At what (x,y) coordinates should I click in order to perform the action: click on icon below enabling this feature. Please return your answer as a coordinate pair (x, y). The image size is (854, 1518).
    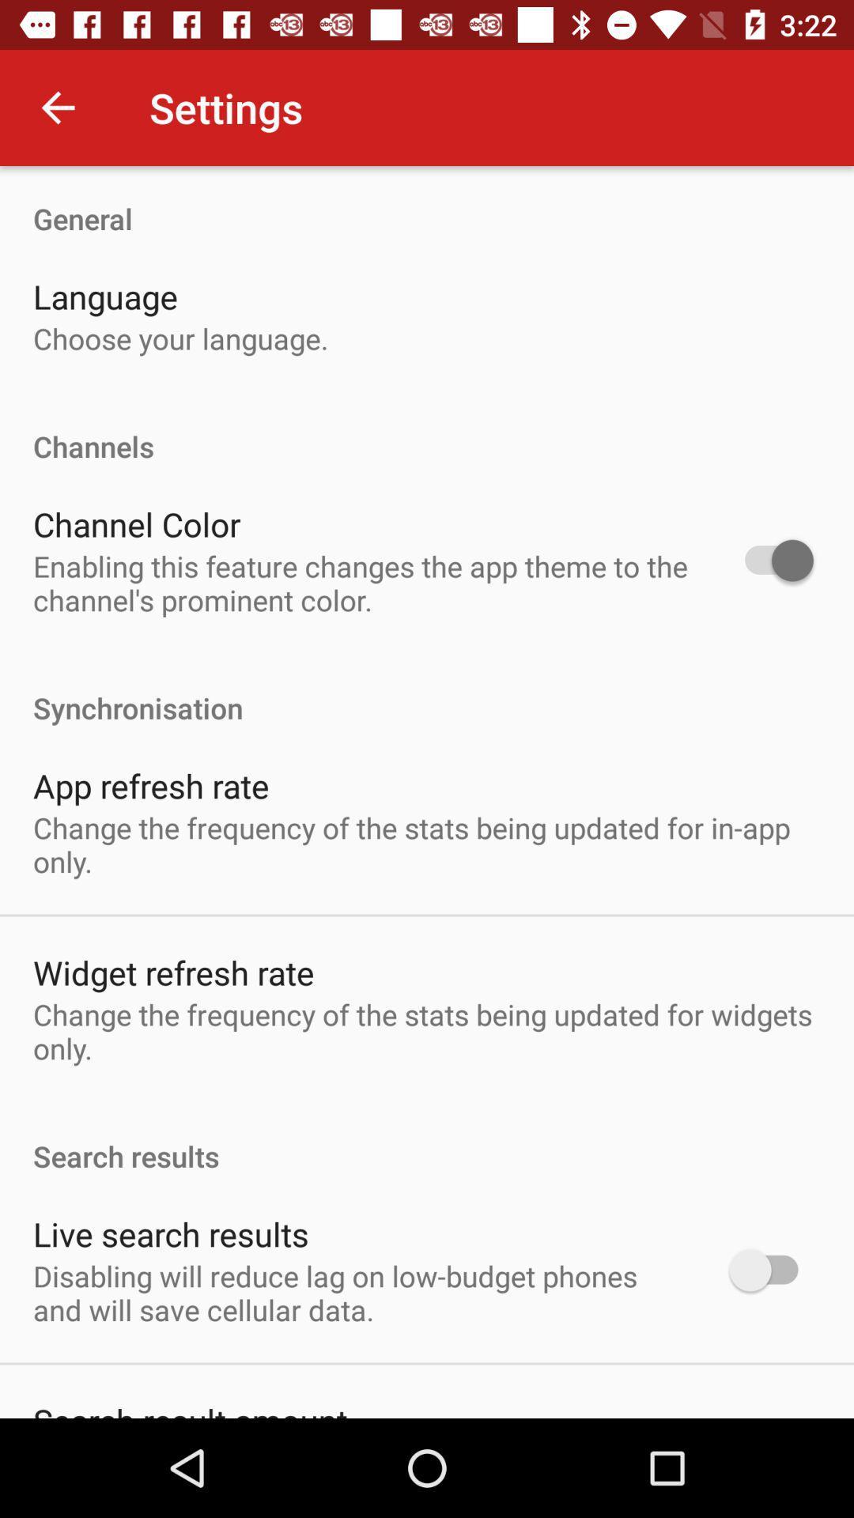
    Looking at the image, I should click on (427, 691).